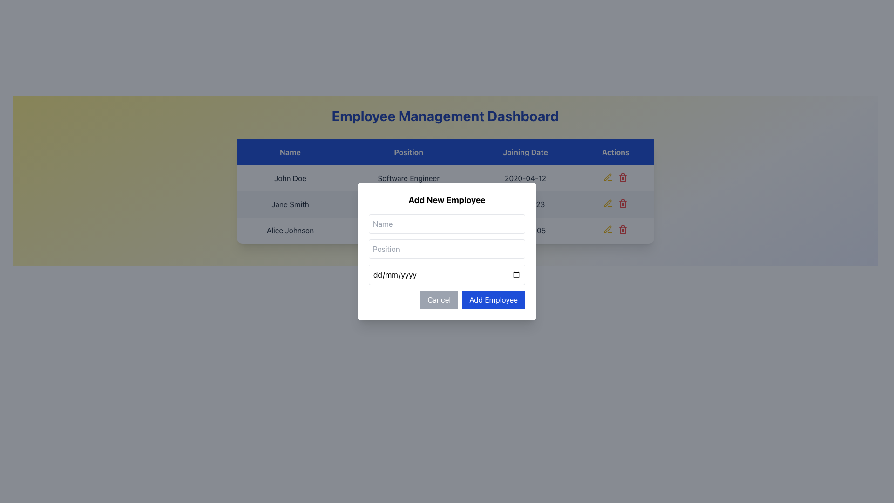 This screenshot has height=503, width=894. I want to click on the 'John Doe' text label in the first column of the first row of the table, so click(290, 178).